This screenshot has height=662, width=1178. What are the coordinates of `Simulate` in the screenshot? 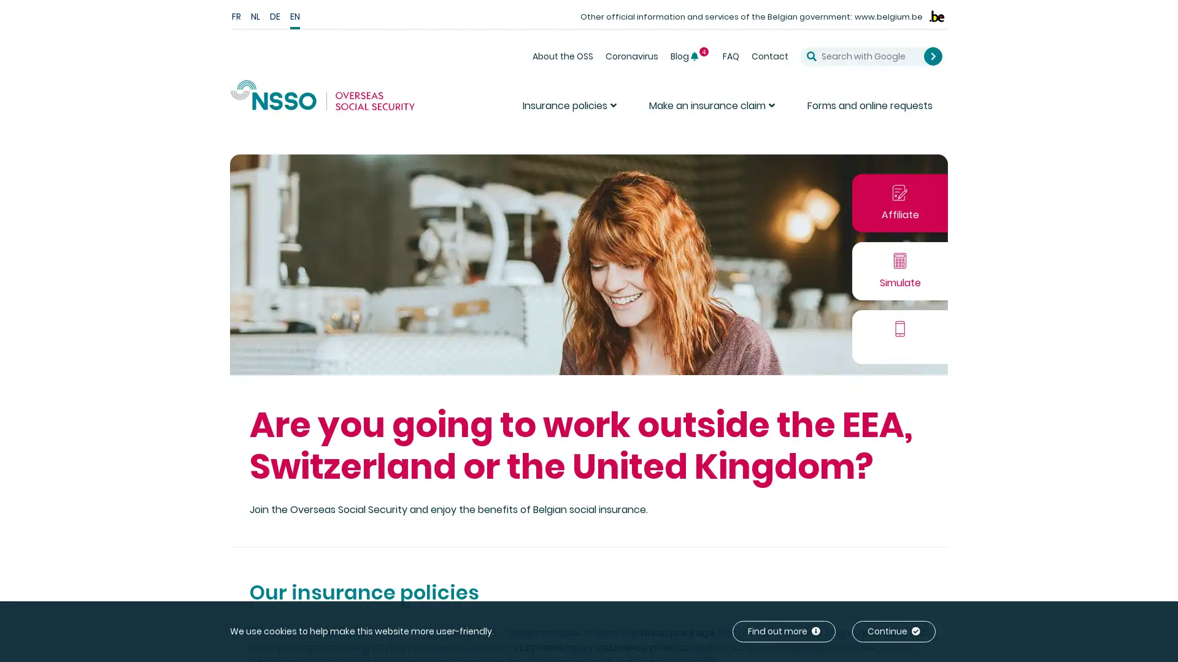 It's located at (900, 270).